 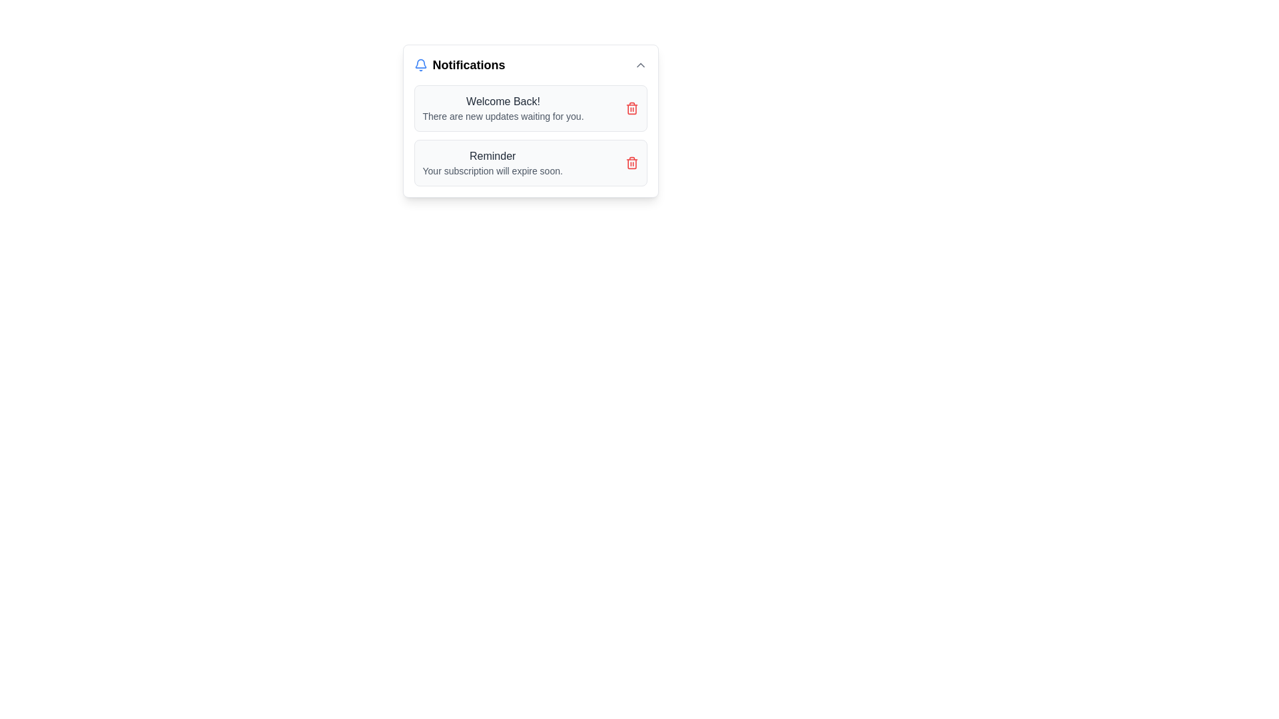 I want to click on the Text Label that serves as the title for the notification message, located below the 'Welcome Back!' header, so click(x=492, y=156).